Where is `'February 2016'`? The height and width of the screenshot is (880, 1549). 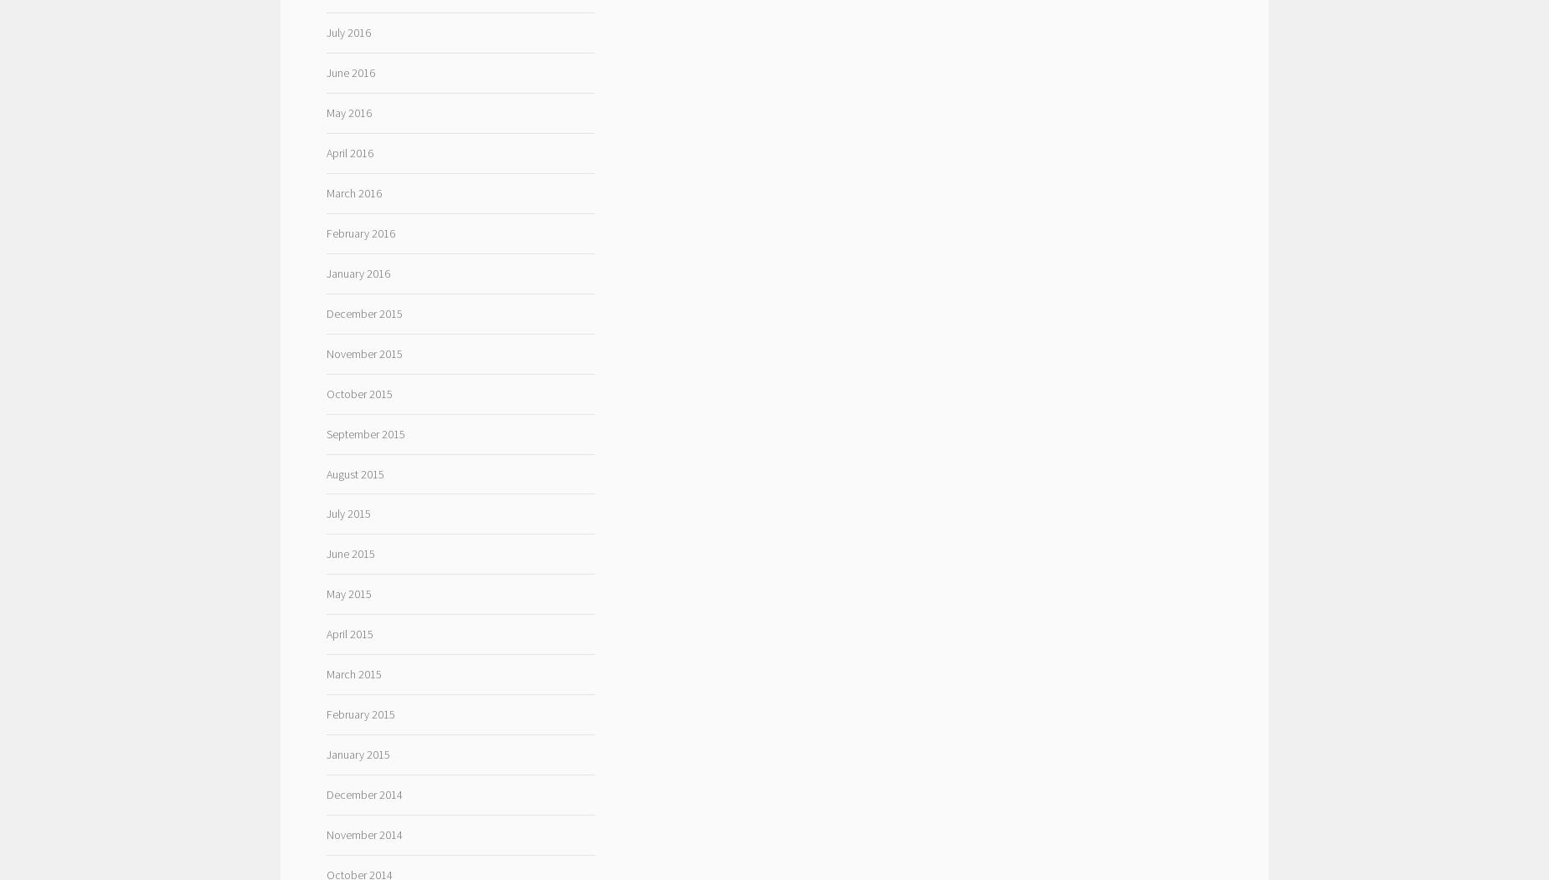 'February 2016' is located at coordinates (325, 233).